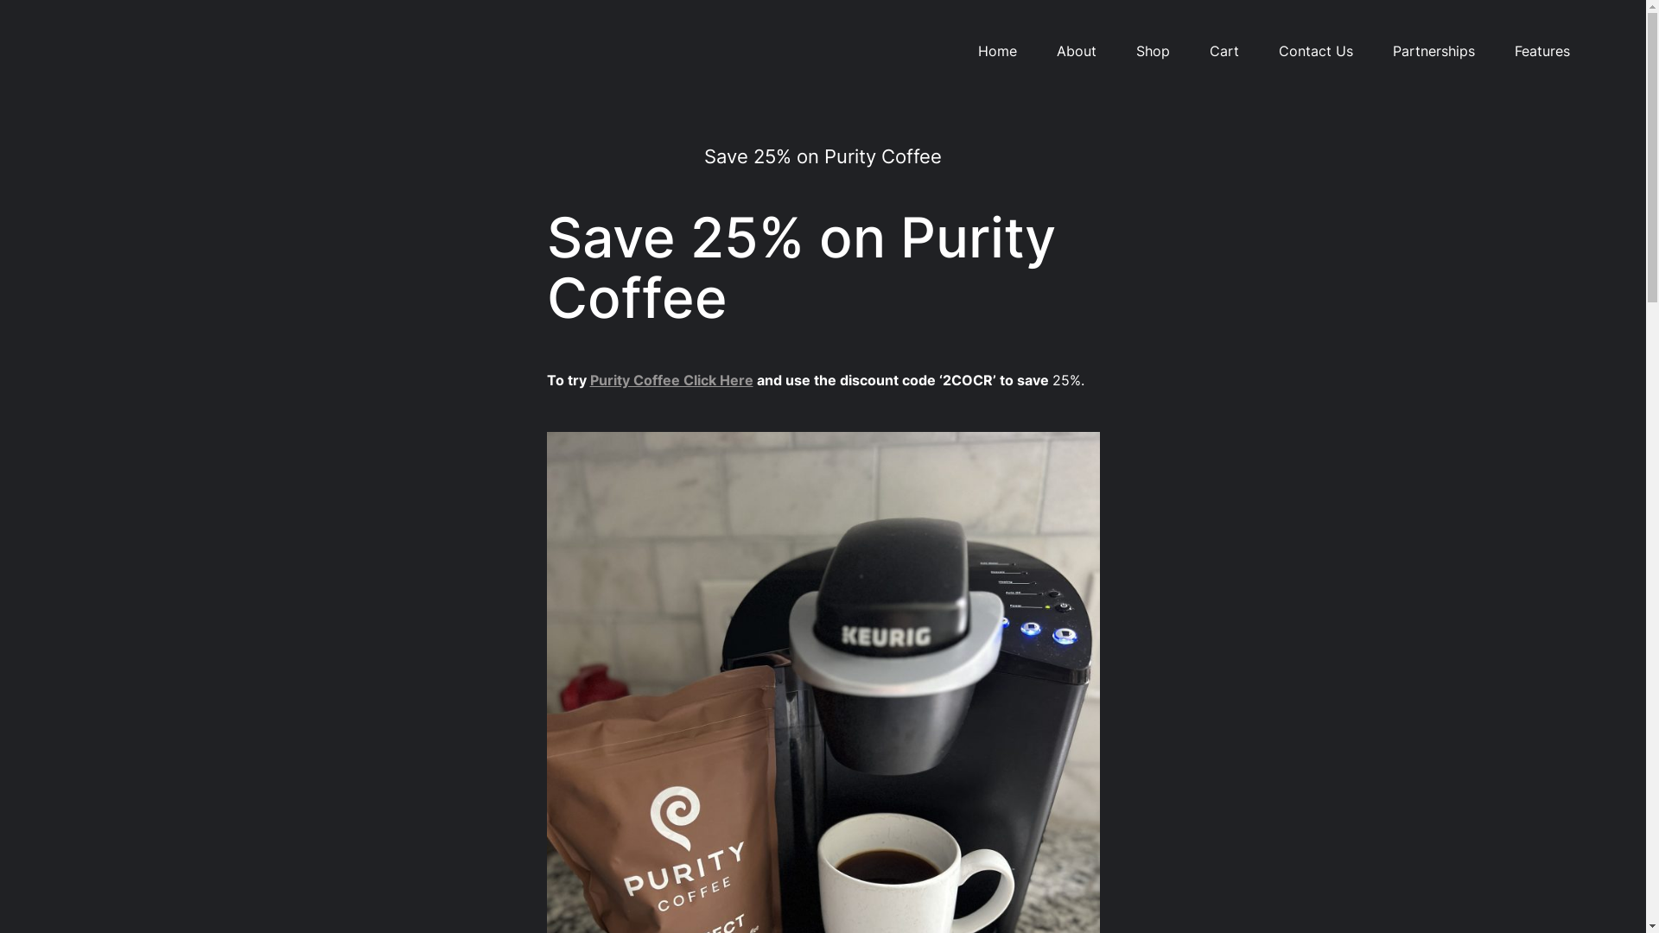 The height and width of the screenshot is (933, 1659). Describe the element at coordinates (1223, 50) in the screenshot. I see `'Cart'` at that location.